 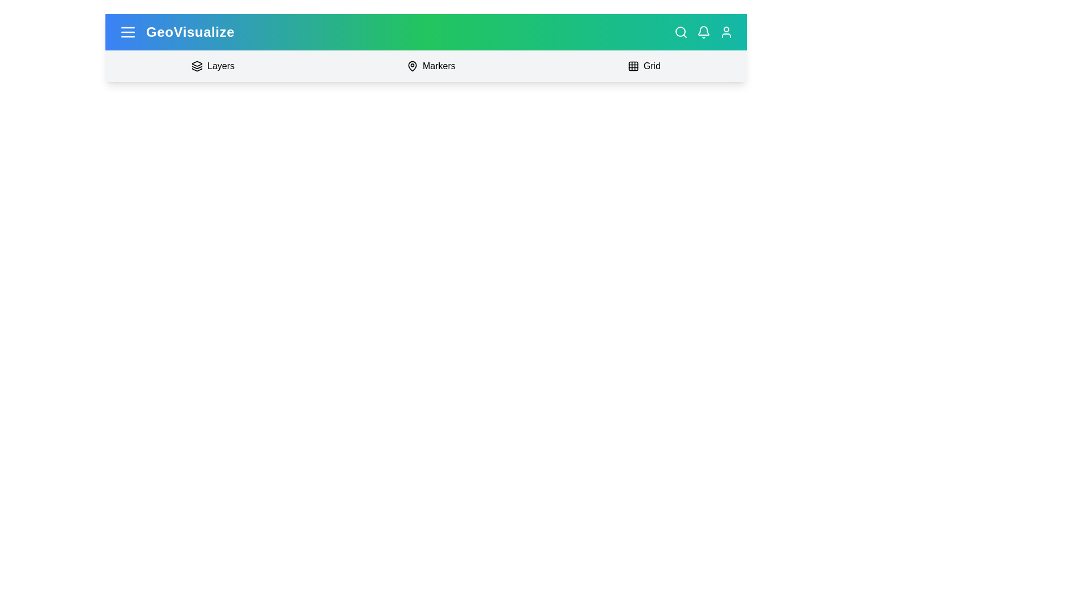 What do you see at coordinates (726, 32) in the screenshot?
I see `the user profile icon to access the user profile` at bounding box center [726, 32].